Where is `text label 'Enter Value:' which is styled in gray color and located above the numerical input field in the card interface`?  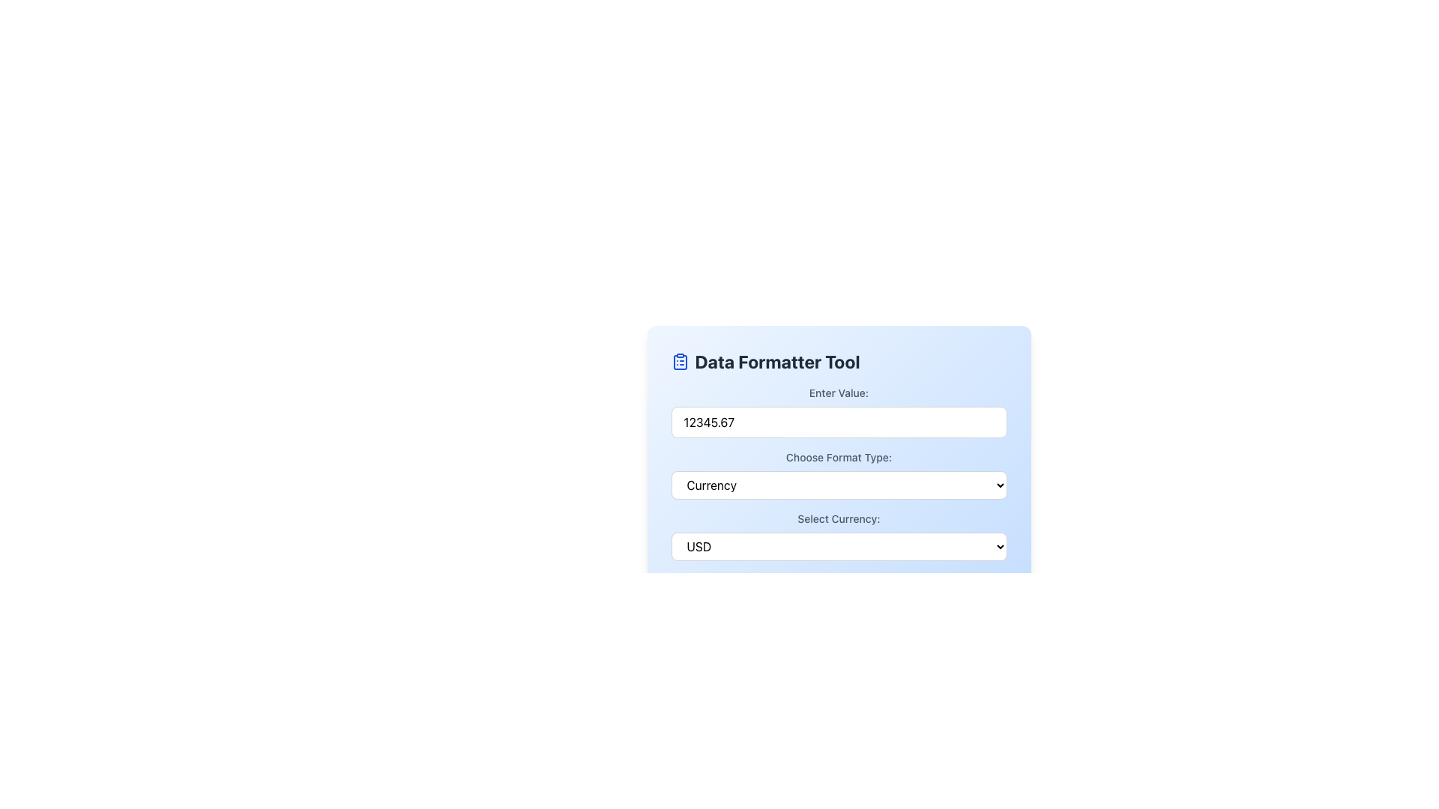
text label 'Enter Value:' which is styled in gray color and located above the numerical input field in the card interface is located at coordinates (838, 392).